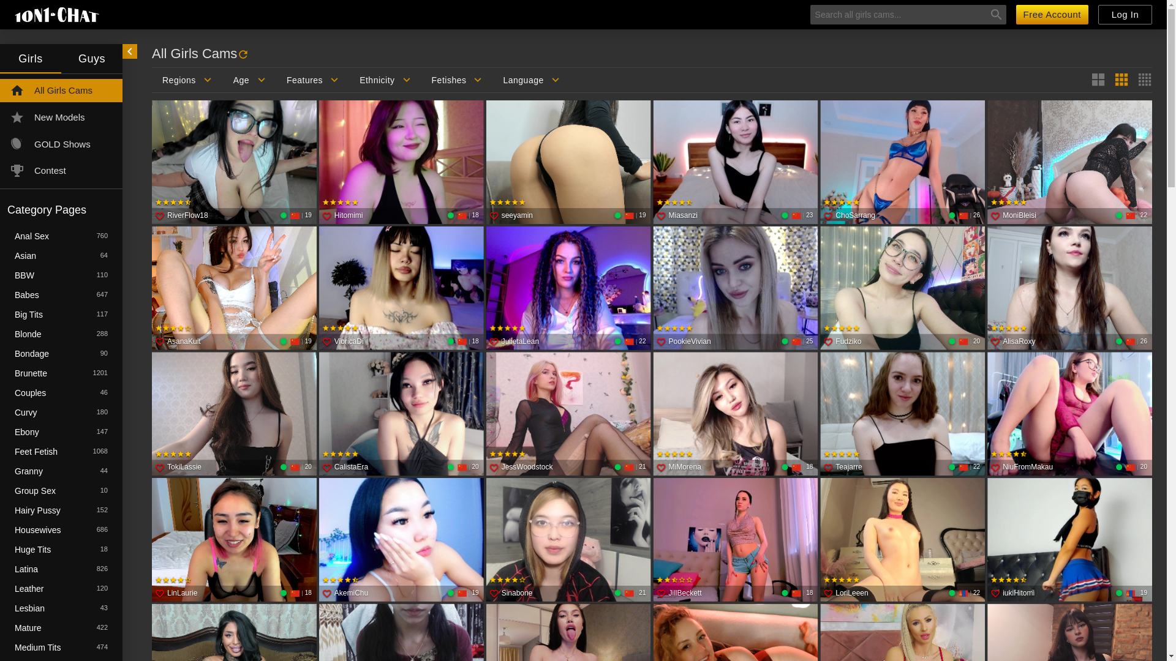 The height and width of the screenshot is (661, 1176). What do you see at coordinates (735, 540) in the screenshot?
I see `'JillBeckett` at bounding box center [735, 540].